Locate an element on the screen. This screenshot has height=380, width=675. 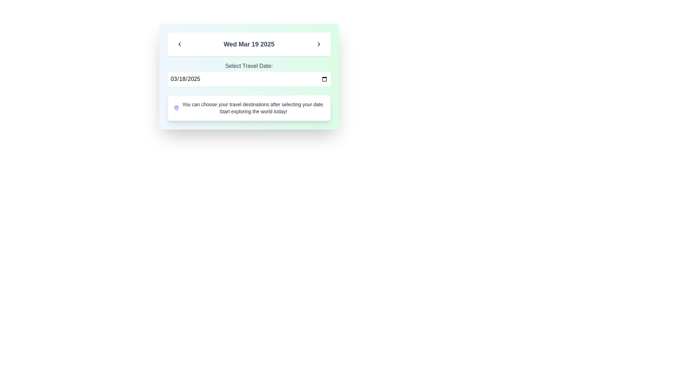
the travel-related icon located inside a white, rounded rectangle box to the left of the text describing travel choices is located at coordinates (176, 108).